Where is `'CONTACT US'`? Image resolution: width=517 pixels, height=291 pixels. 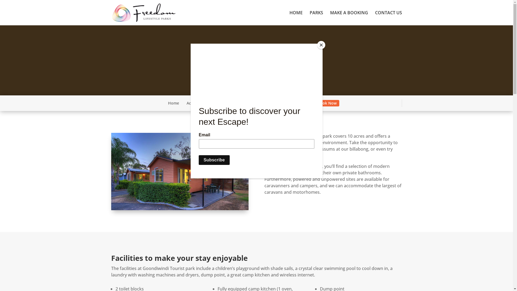 'CONTACT US' is located at coordinates (388, 18).